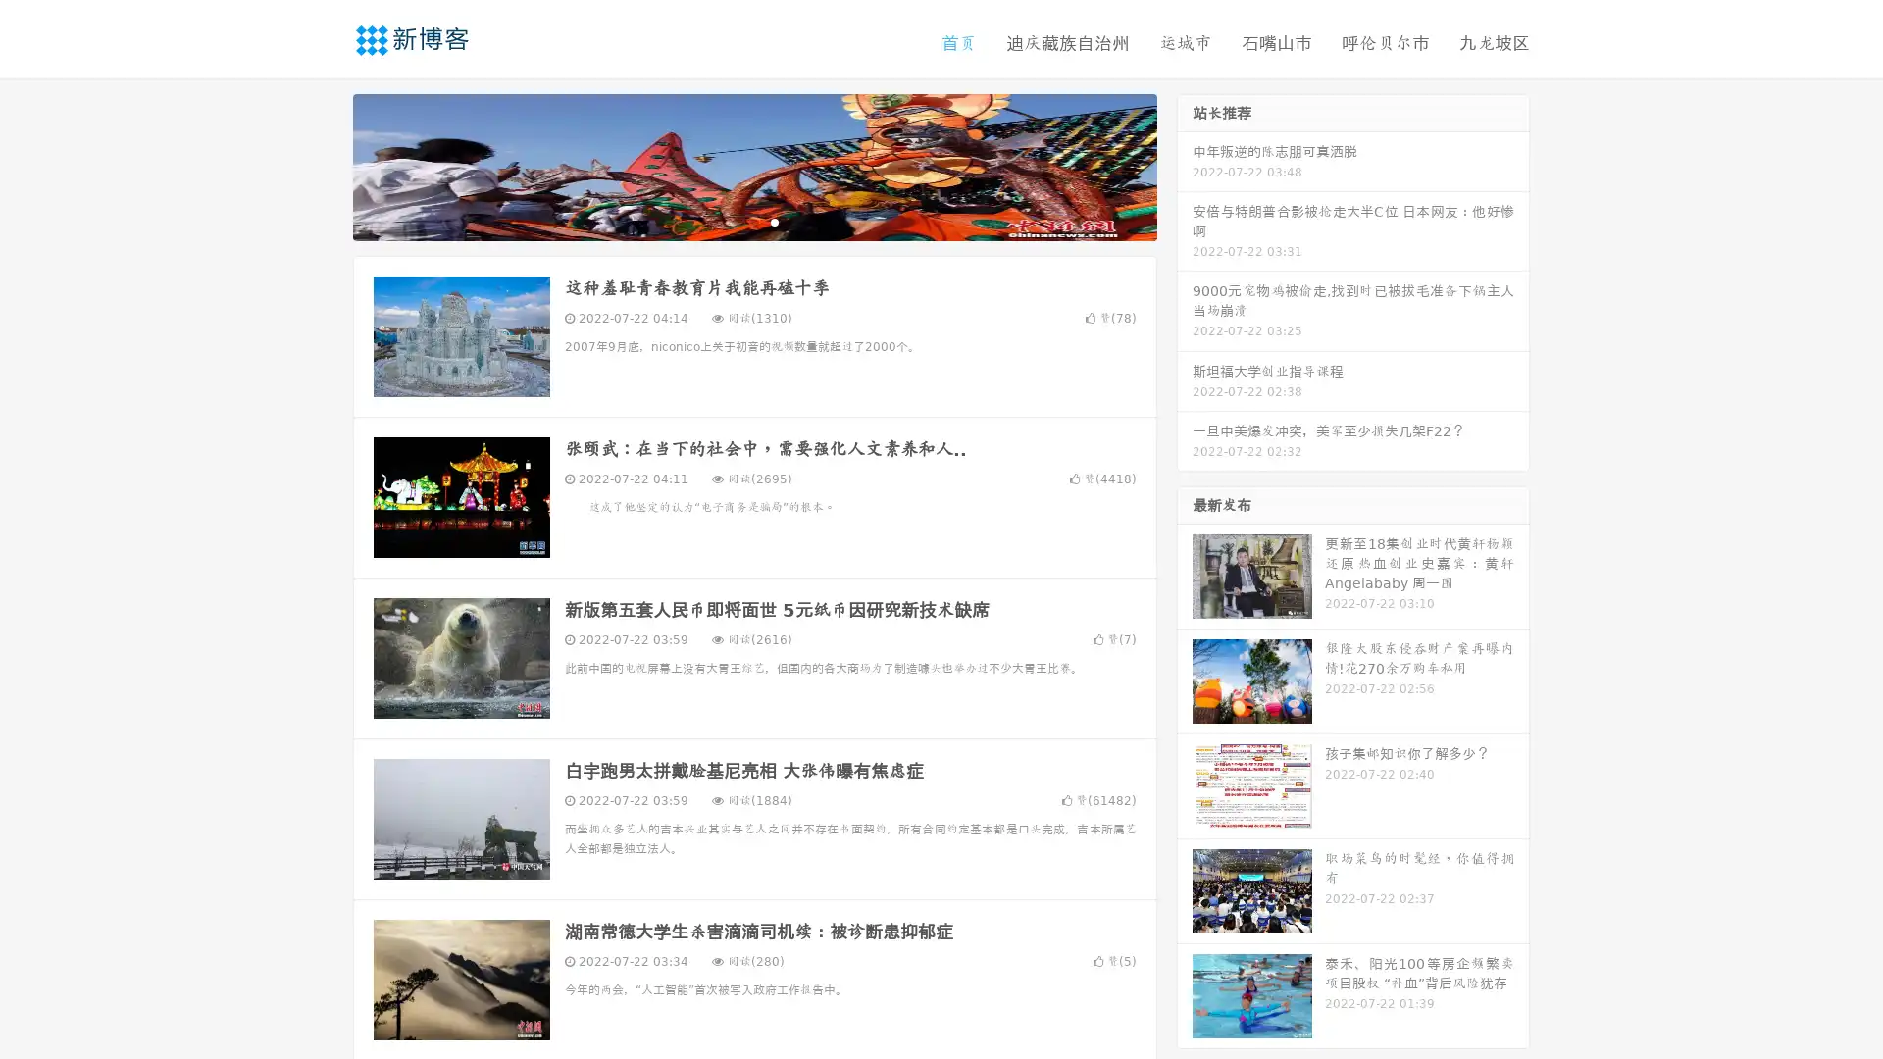 The width and height of the screenshot is (1883, 1059). I want to click on Previous slide, so click(324, 165).